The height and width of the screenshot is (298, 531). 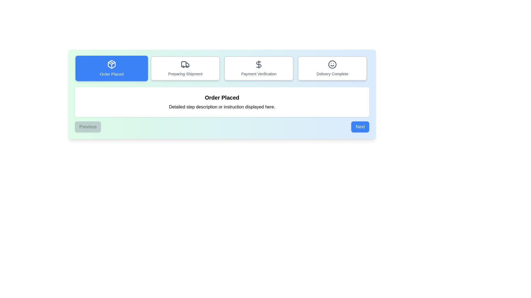 What do you see at coordinates (259, 68) in the screenshot?
I see `the step indicator corresponding to Payment Verification to highlight it` at bounding box center [259, 68].